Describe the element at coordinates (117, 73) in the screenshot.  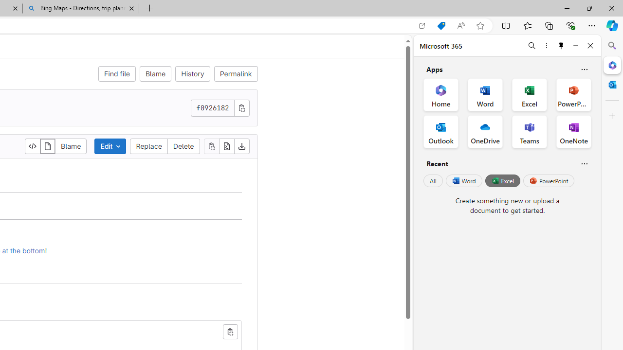
I see `'Find file'` at that location.